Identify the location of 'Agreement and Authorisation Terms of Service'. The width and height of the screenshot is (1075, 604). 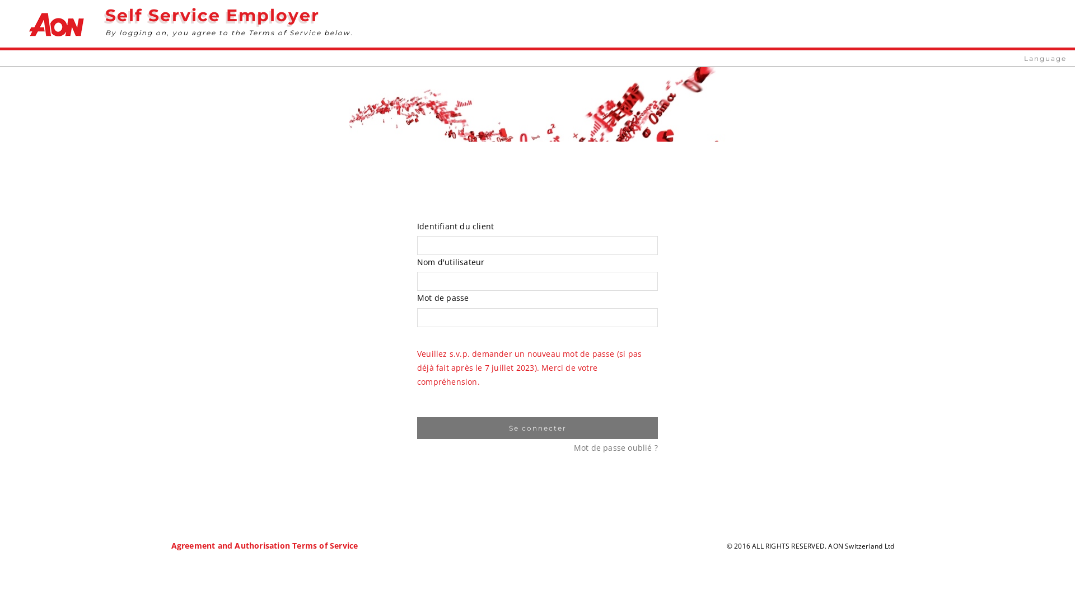
(264, 545).